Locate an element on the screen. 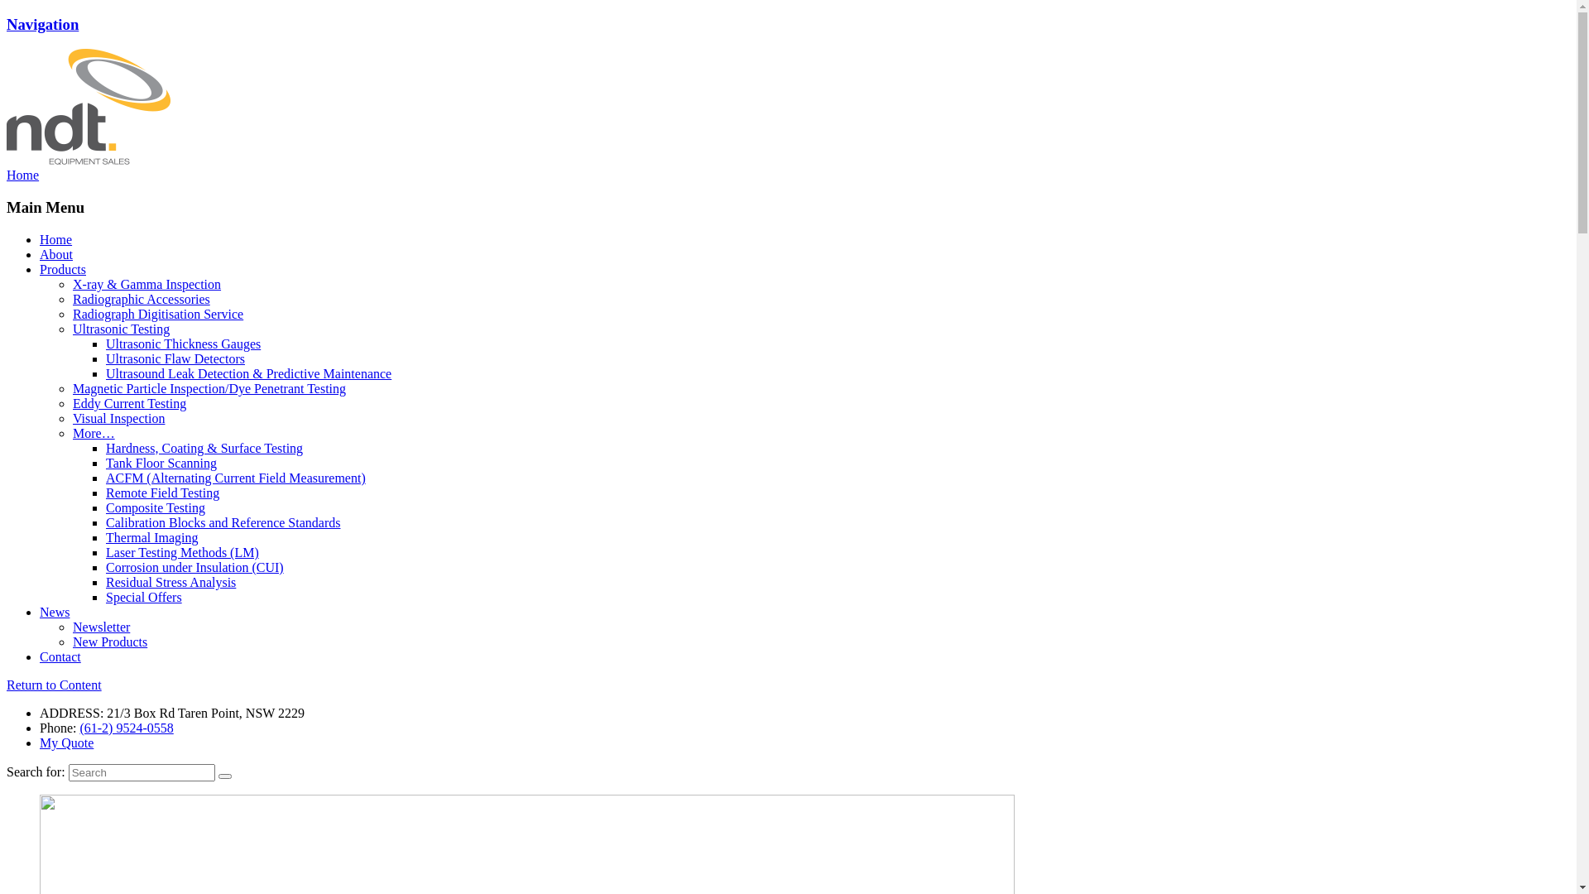  'Thermal Imaging' is located at coordinates (151, 537).